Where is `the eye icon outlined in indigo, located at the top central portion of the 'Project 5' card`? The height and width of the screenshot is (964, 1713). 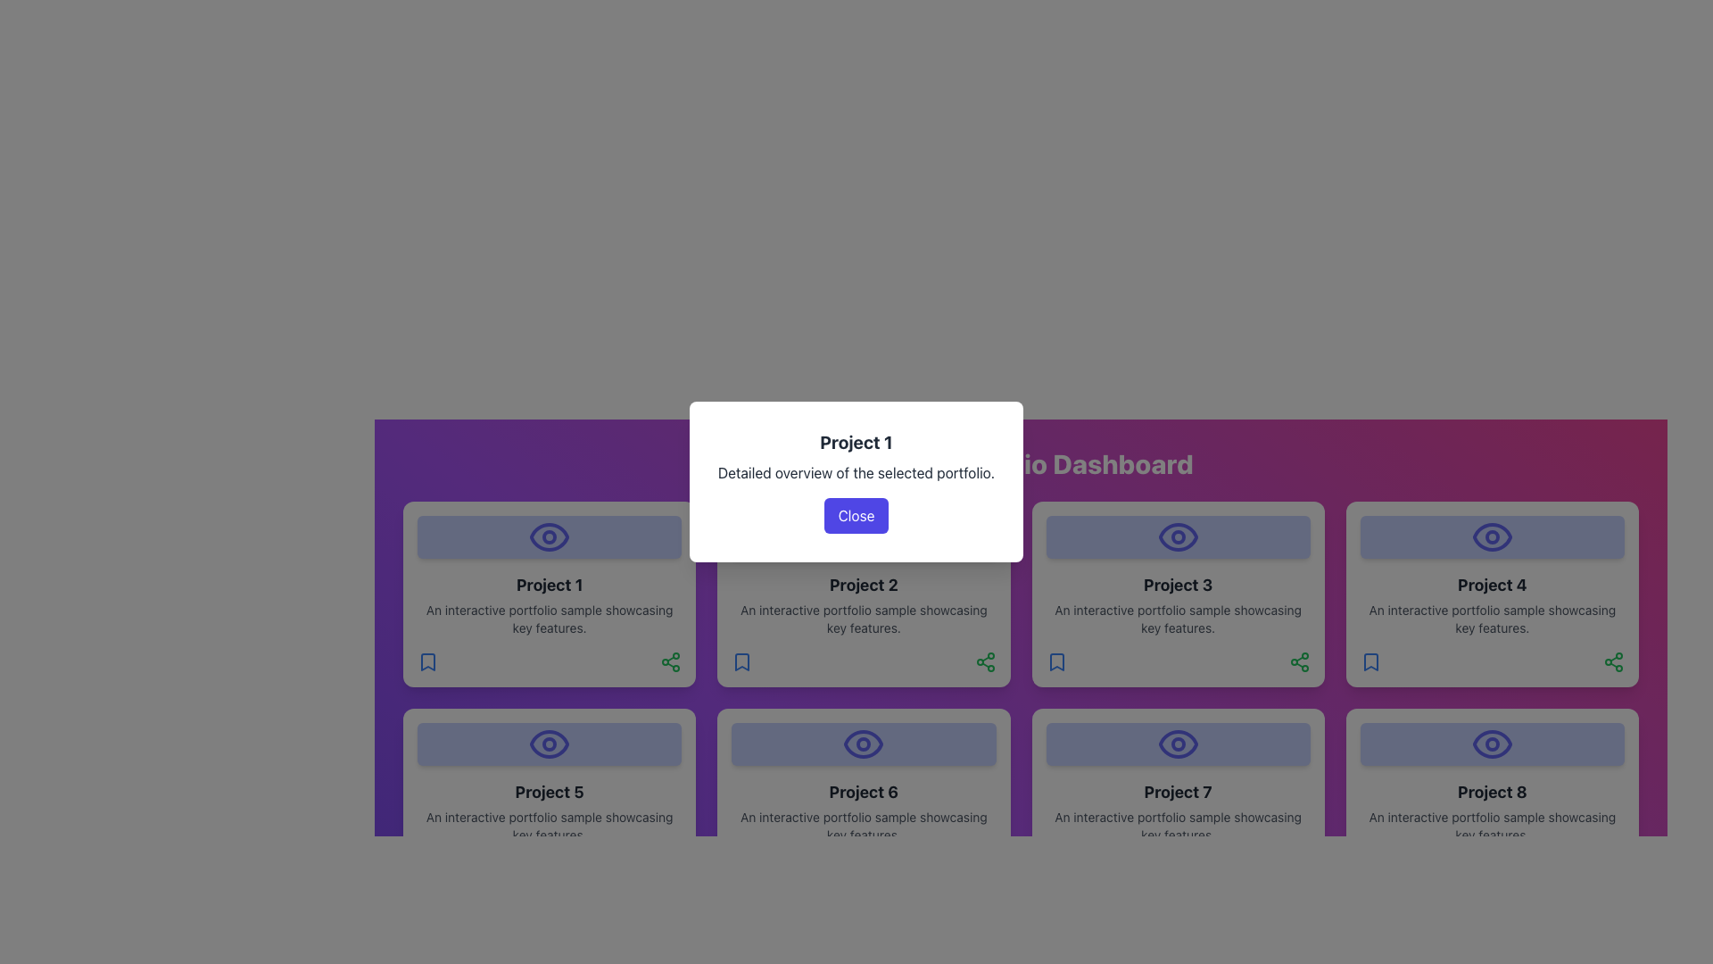
the eye icon outlined in indigo, located at the top central portion of the 'Project 5' card is located at coordinates (549, 744).